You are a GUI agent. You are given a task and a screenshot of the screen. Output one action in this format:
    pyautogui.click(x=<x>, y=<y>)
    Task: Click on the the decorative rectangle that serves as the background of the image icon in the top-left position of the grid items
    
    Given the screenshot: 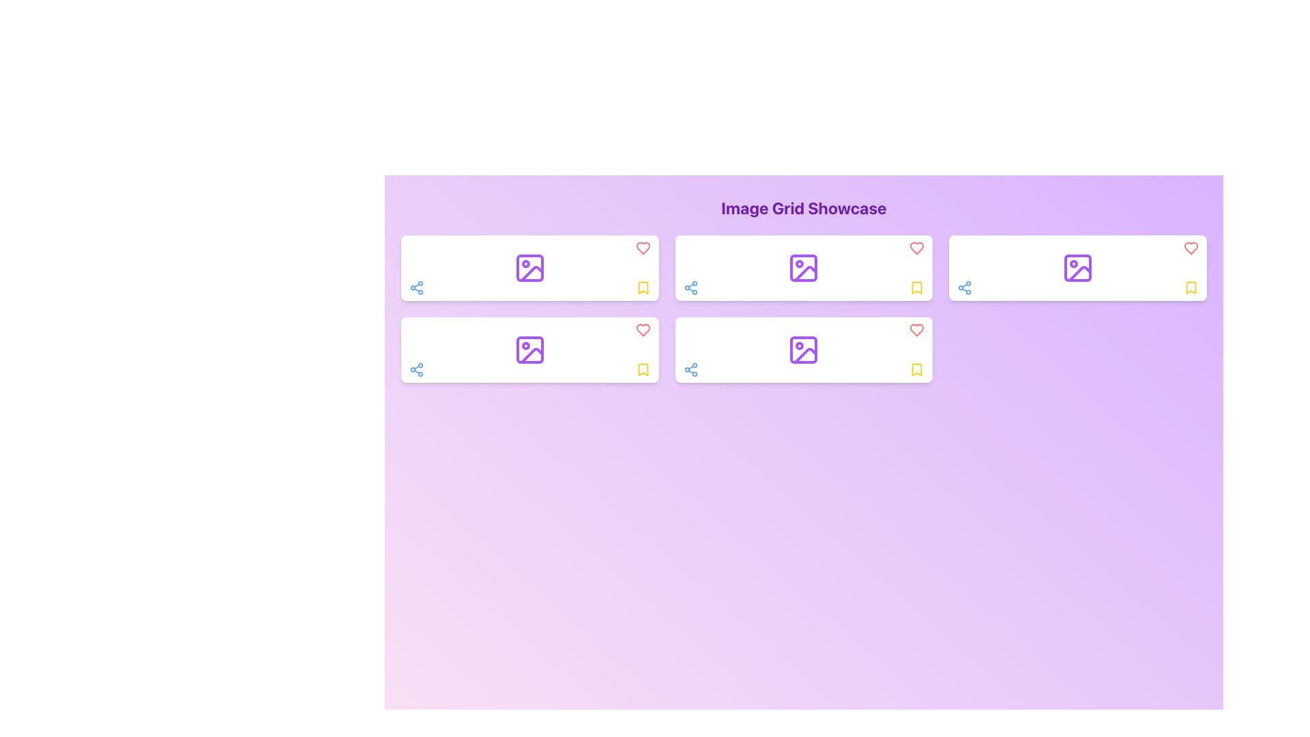 What is the action you would take?
    pyautogui.click(x=529, y=268)
    